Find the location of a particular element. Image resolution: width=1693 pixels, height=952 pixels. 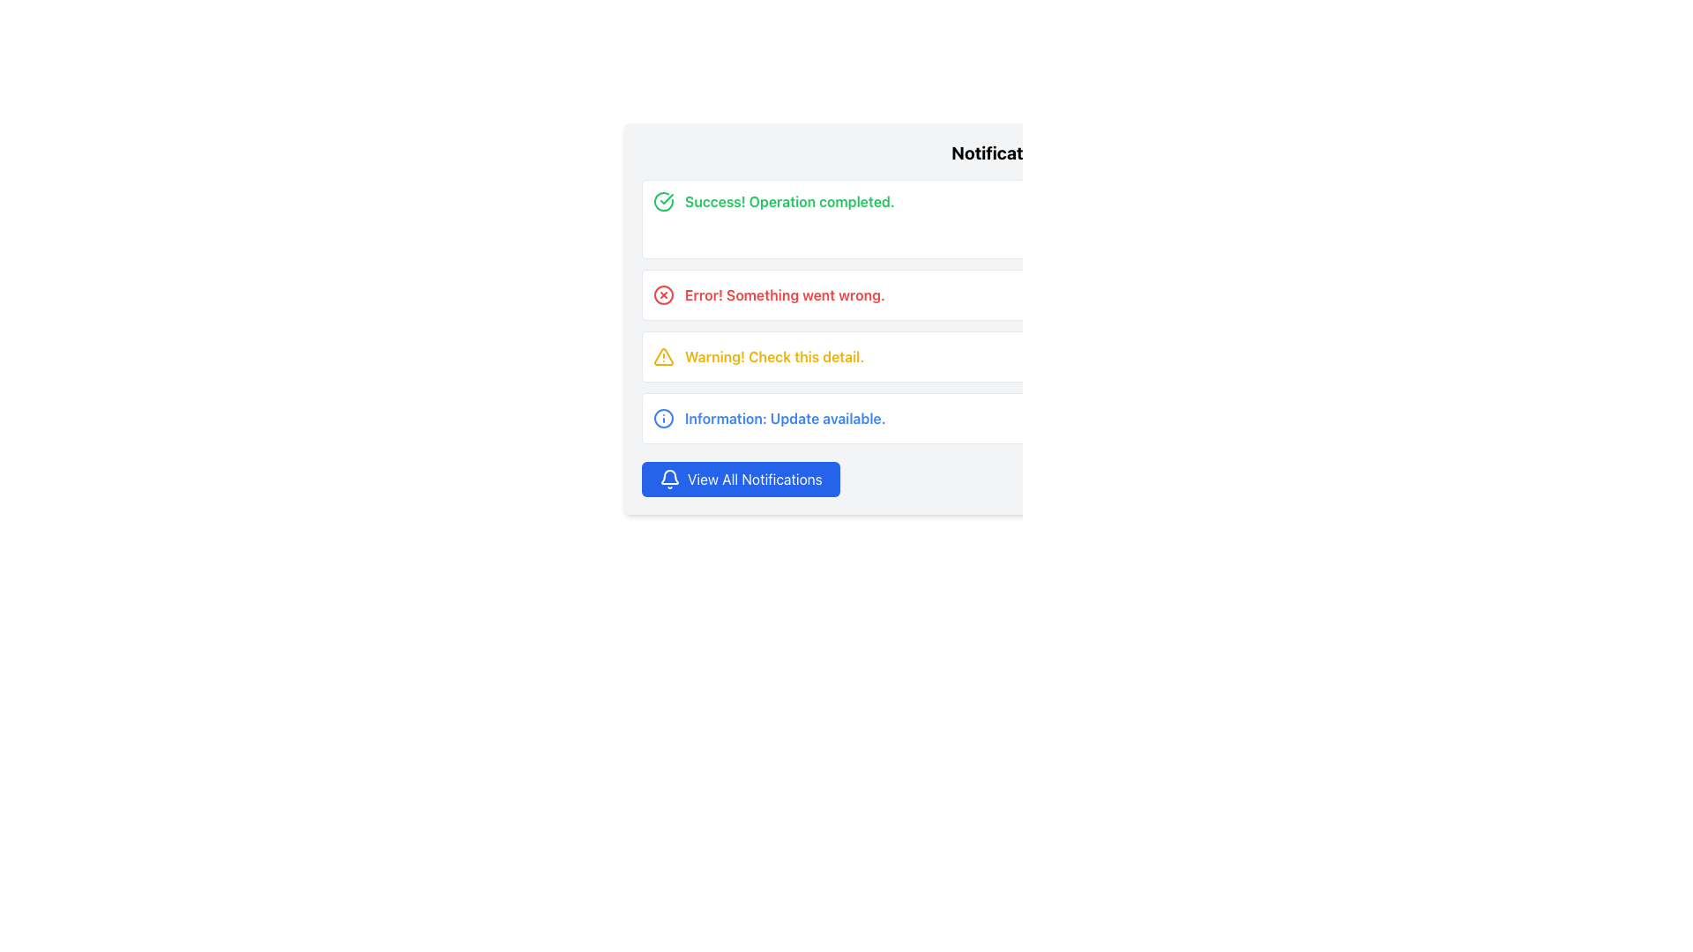

the static text element that displays 'Warning! Check this detail.' which is styled in bold and colored yellow, located in the third notification row, between a warning icon and a 'Review' button is located at coordinates (774, 357).